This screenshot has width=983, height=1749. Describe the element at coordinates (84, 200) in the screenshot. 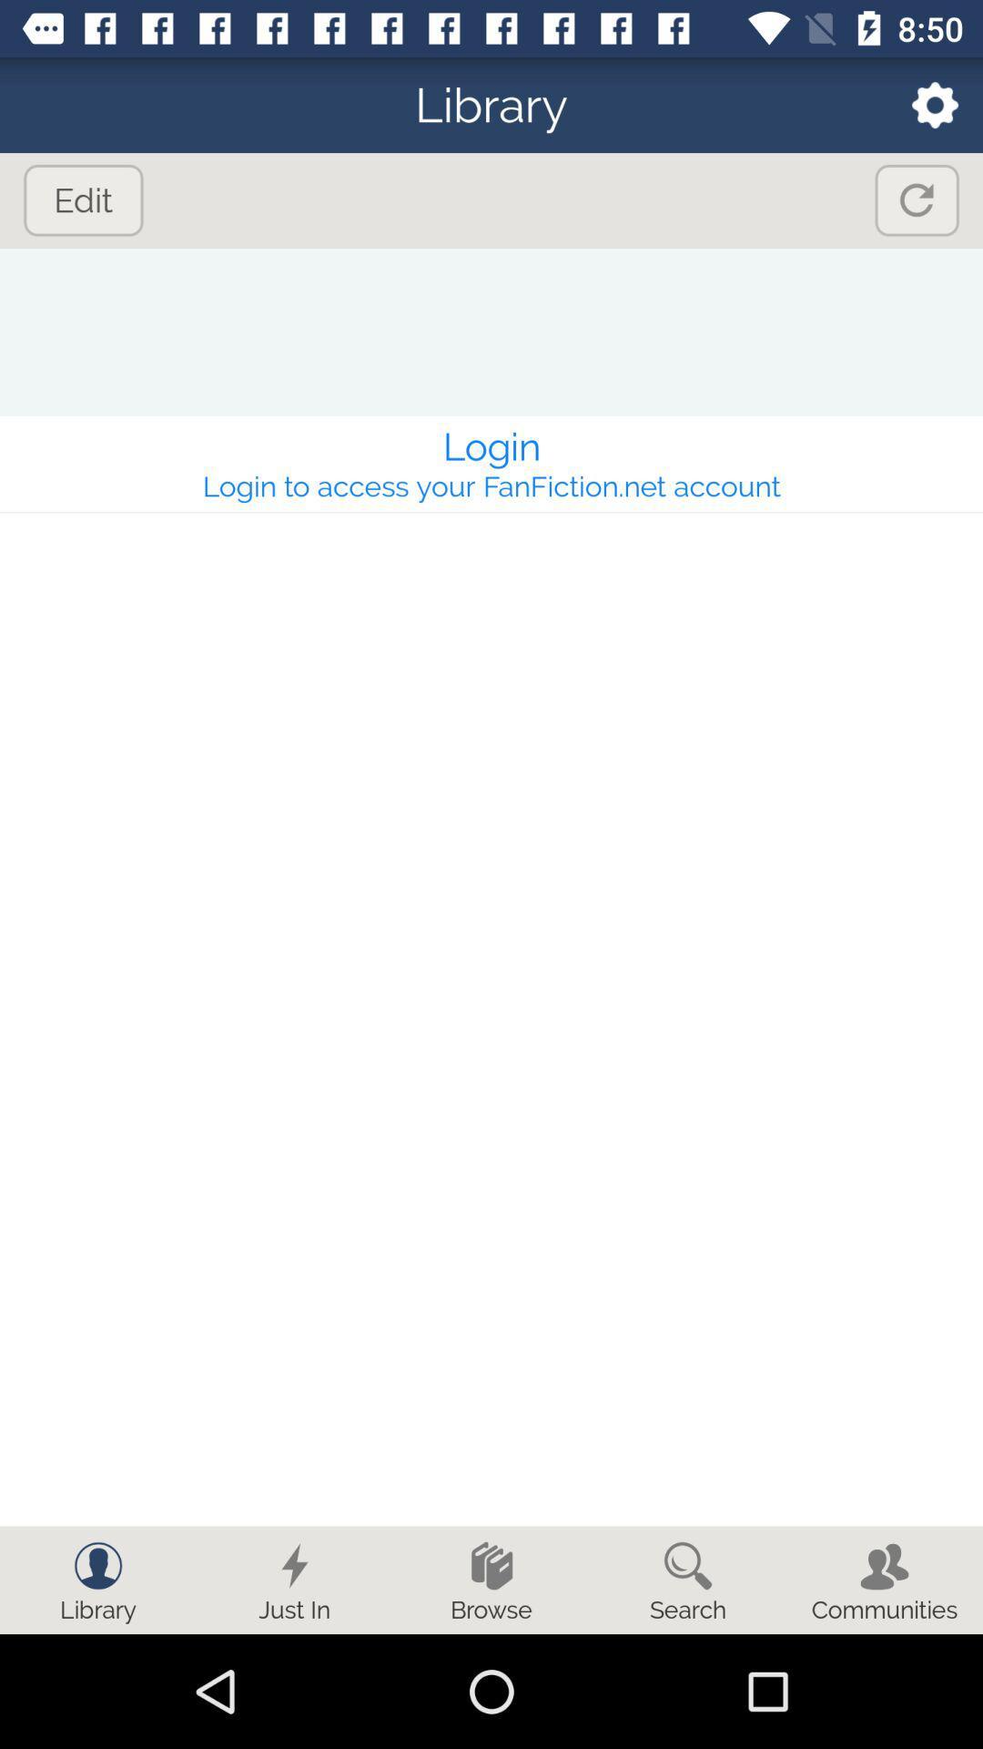

I see `the edit button` at that location.